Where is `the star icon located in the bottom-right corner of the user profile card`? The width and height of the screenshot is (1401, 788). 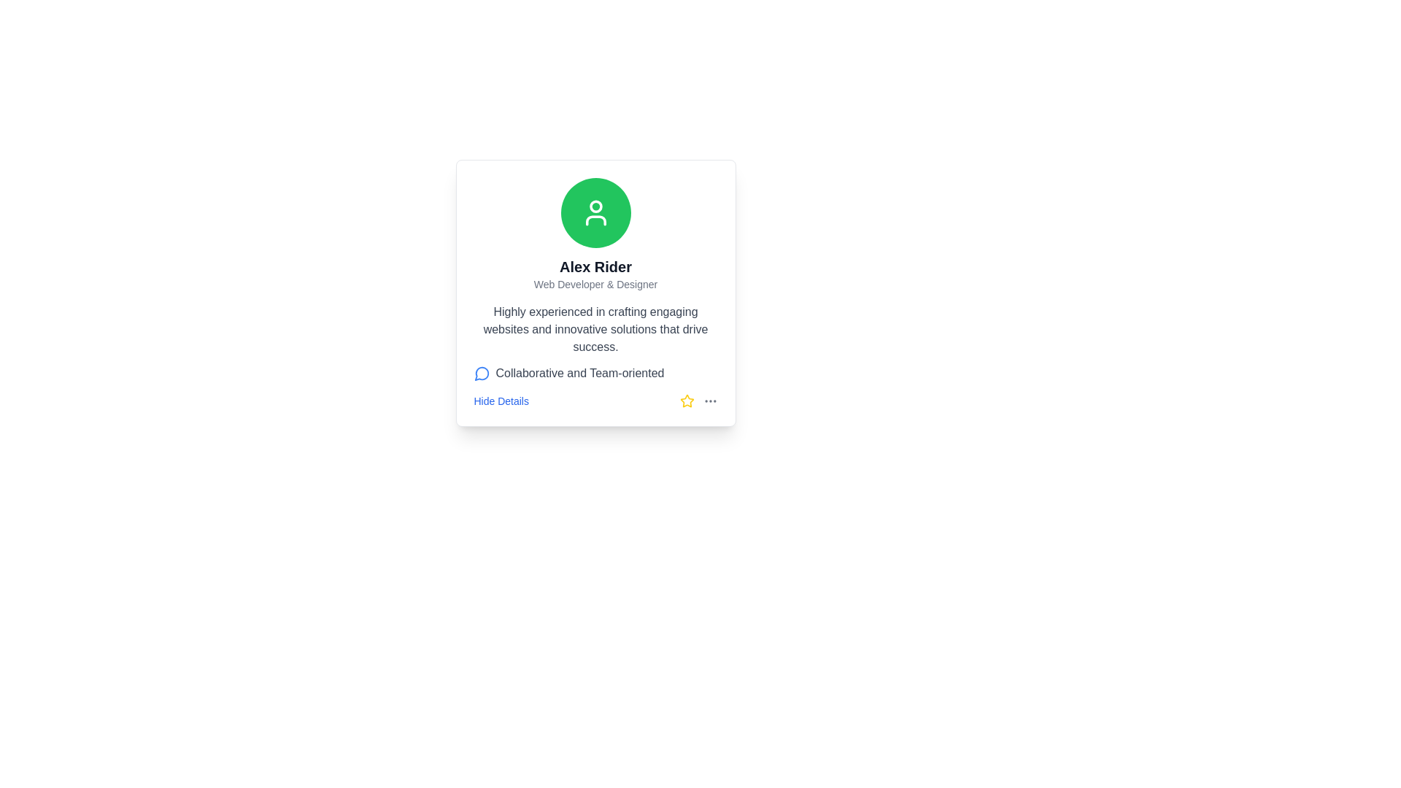
the star icon located in the bottom-right corner of the user profile card is located at coordinates (686, 401).